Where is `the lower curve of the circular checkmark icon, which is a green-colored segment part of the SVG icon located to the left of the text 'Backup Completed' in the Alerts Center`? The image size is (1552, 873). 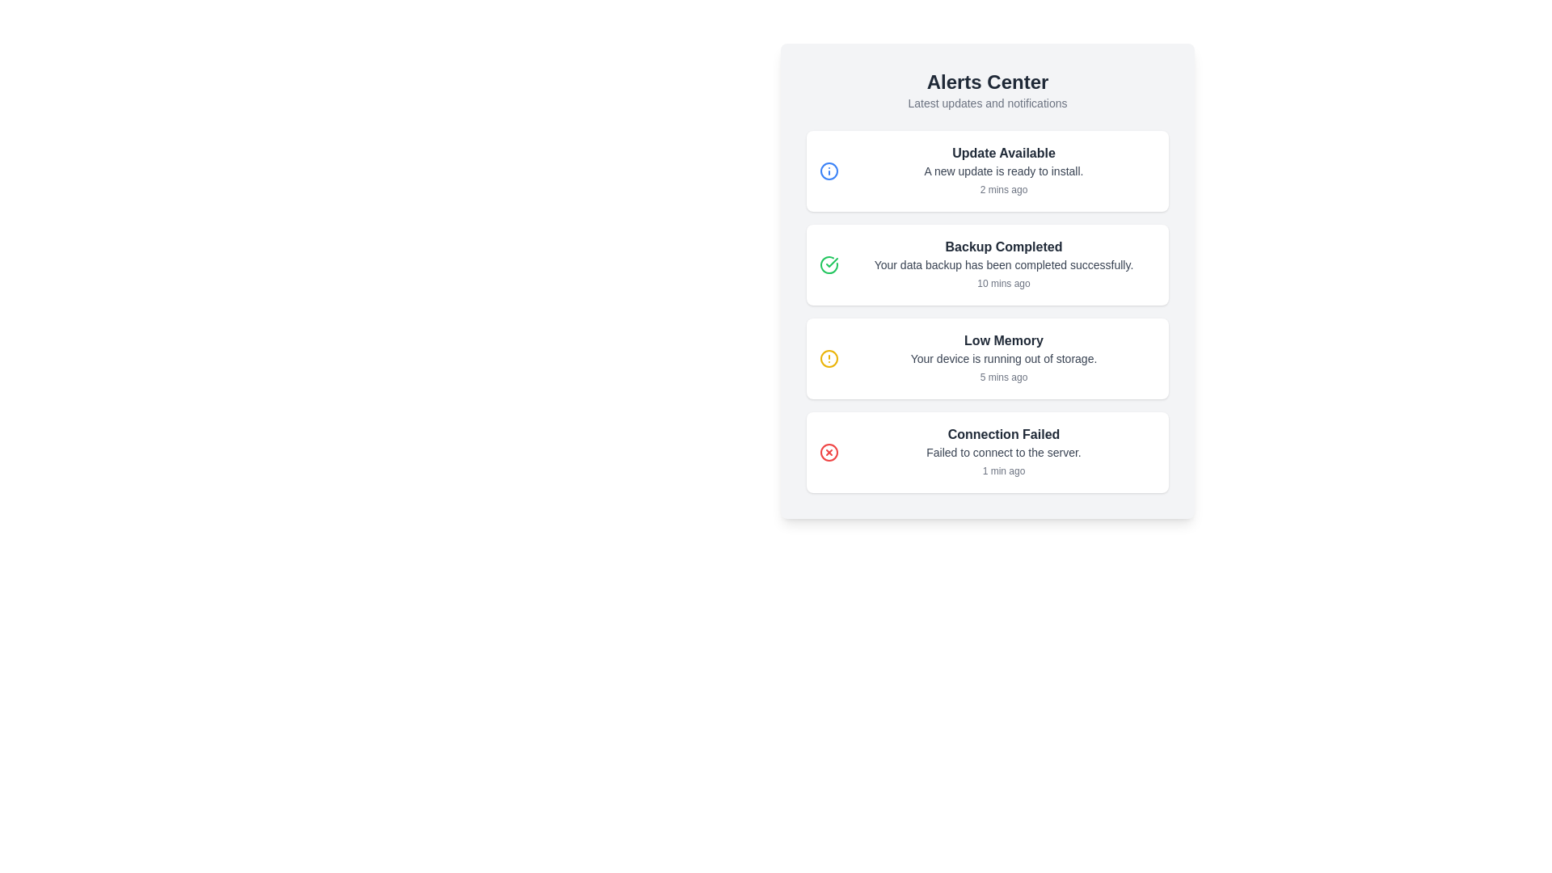 the lower curve of the circular checkmark icon, which is a green-colored segment part of the SVG icon located to the left of the text 'Backup Completed' in the Alerts Center is located at coordinates (829, 264).